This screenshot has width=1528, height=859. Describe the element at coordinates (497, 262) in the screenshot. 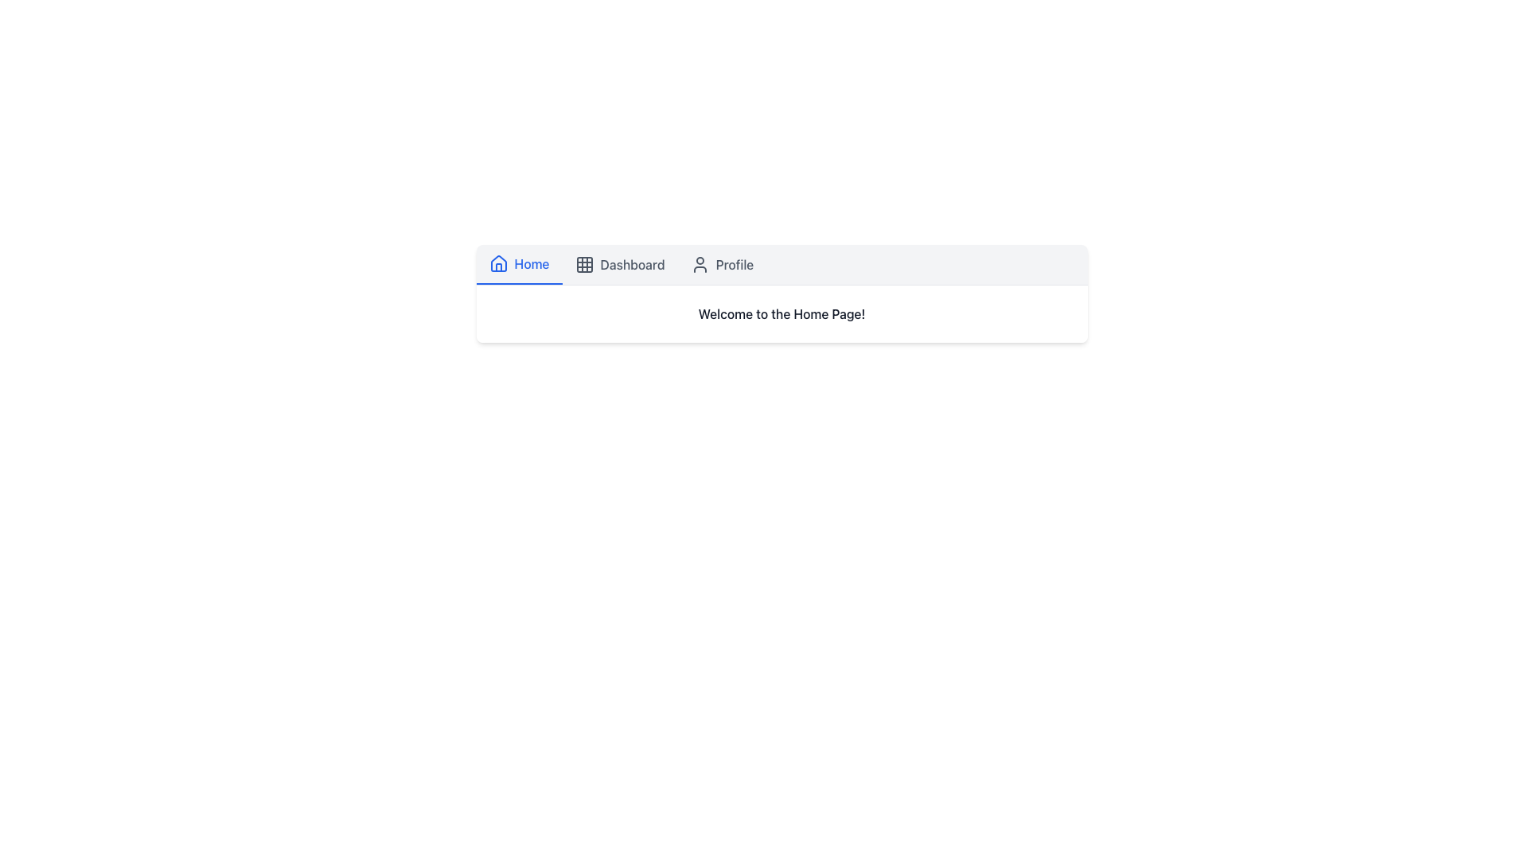

I see `the house-shaped SVG icon with a blue outline located to the left of the 'Home' text in the navigation bar` at that location.